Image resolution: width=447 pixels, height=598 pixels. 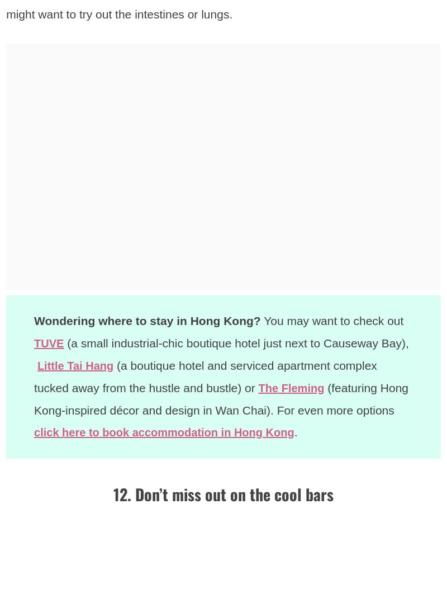 I want to click on '(a boutique hotel and serviced apartment complex tucked away from the hustle and bustle) or', so click(x=33, y=375).